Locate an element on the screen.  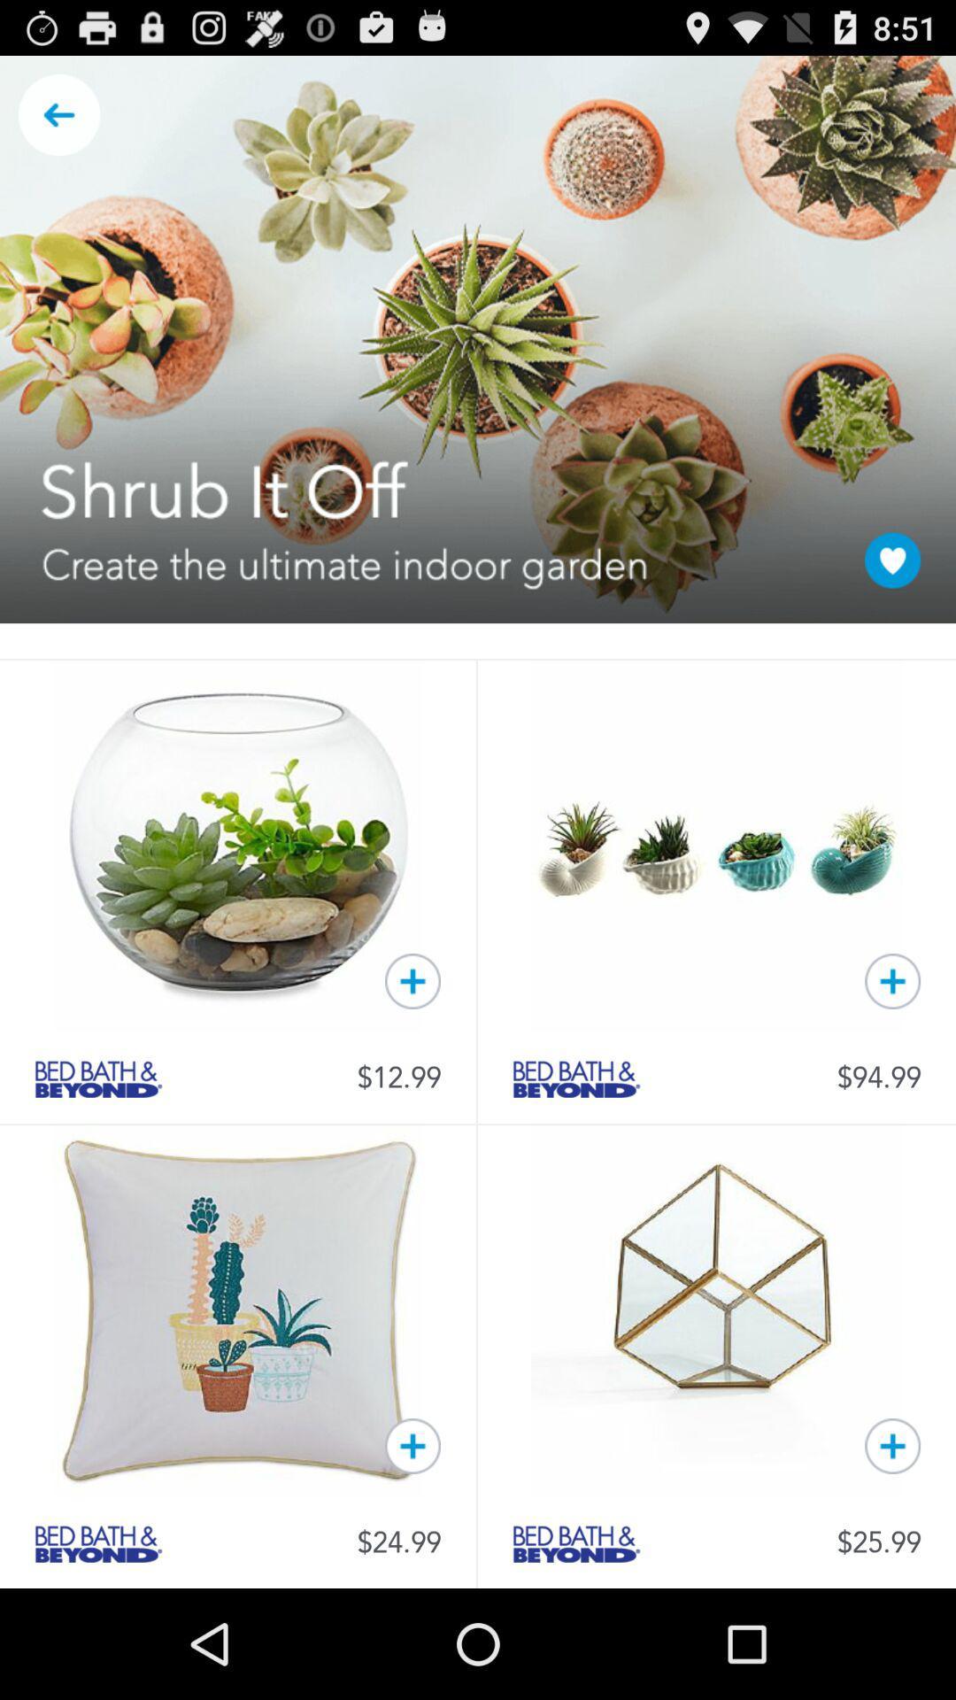
plant to cart is located at coordinates (412, 980).